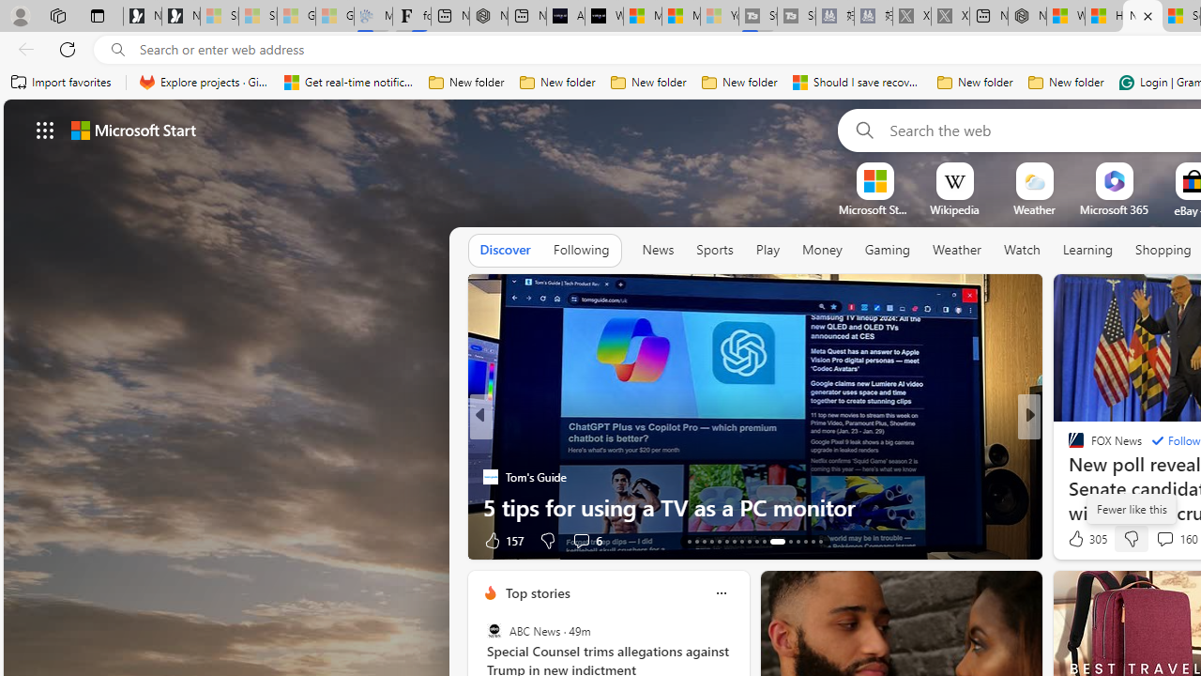 Image resolution: width=1201 pixels, height=676 pixels. I want to click on 'ABC News', so click(494, 631).